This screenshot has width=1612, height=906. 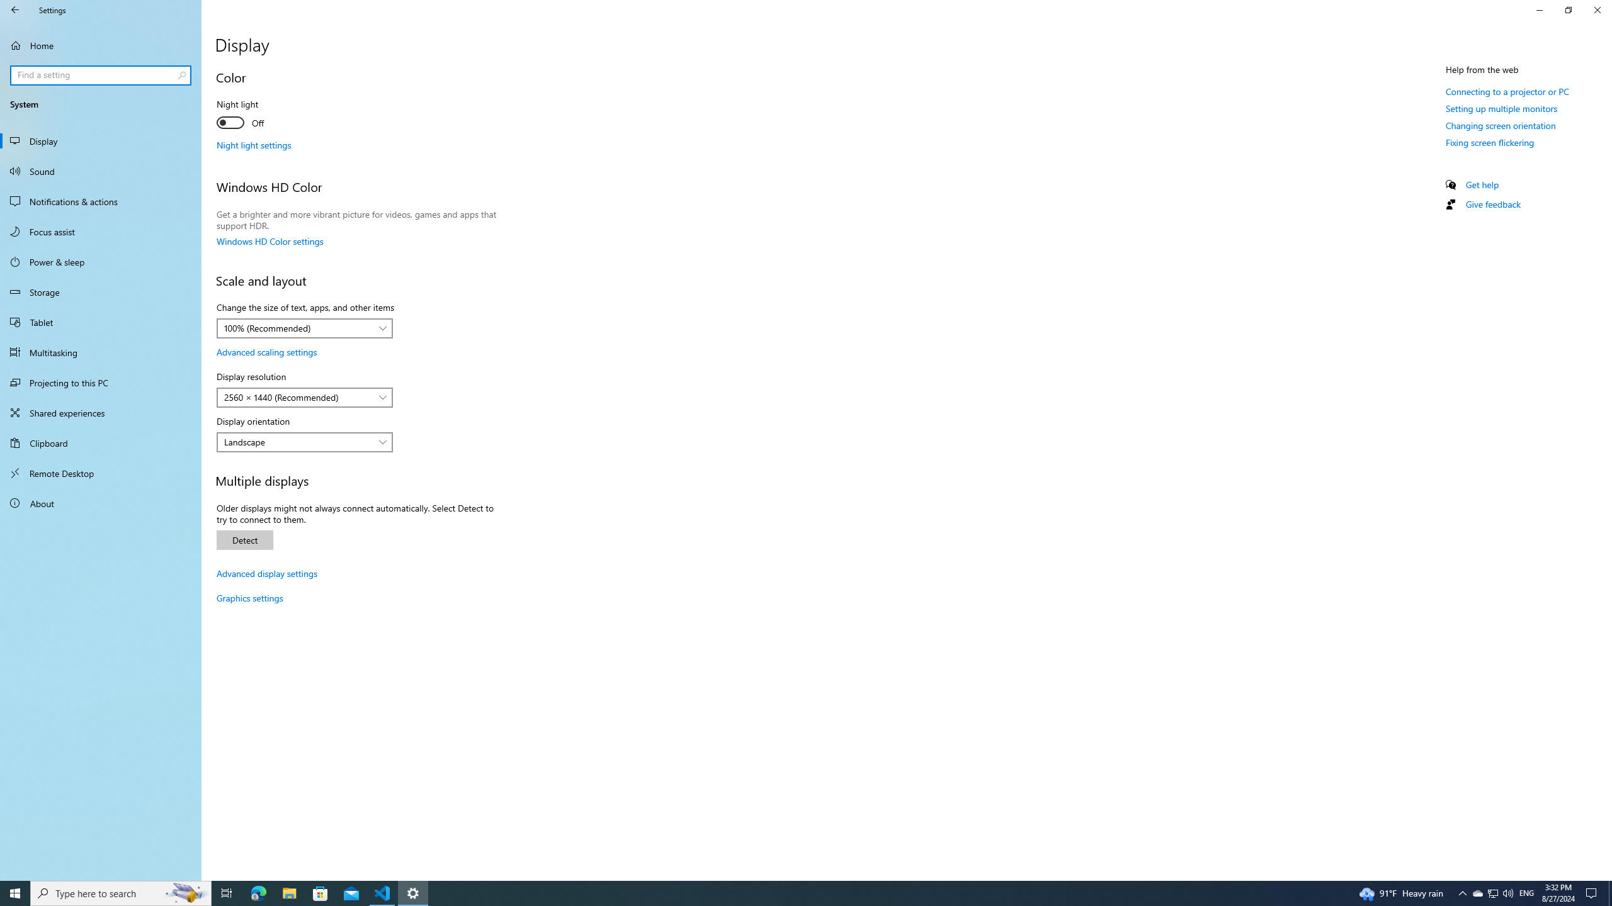 What do you see at coordinates (266, 352) in the screenshot?
I see `'Advanced scaling settings'` at bounding box center [266, 352].